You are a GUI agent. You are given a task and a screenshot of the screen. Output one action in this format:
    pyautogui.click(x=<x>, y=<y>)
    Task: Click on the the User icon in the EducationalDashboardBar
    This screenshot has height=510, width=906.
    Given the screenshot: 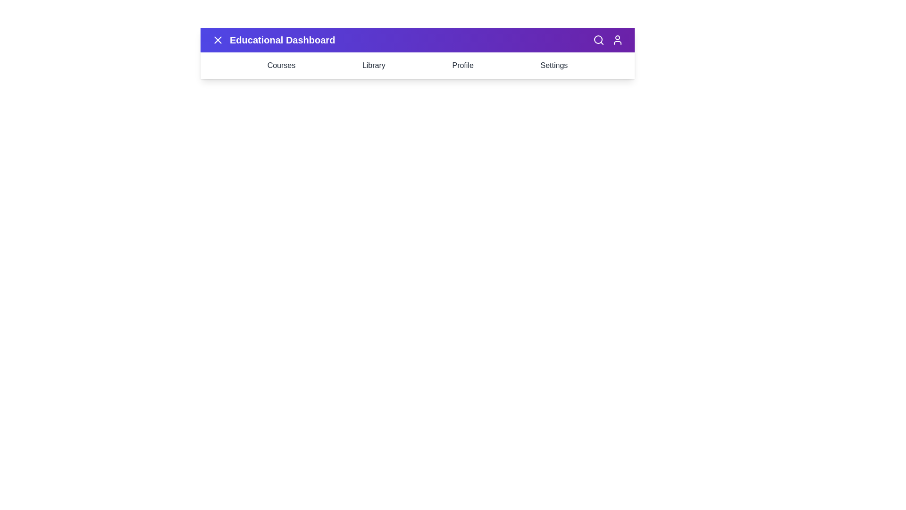 What is the action you would take?
    pyautogui.click(x=618, y=39)
    